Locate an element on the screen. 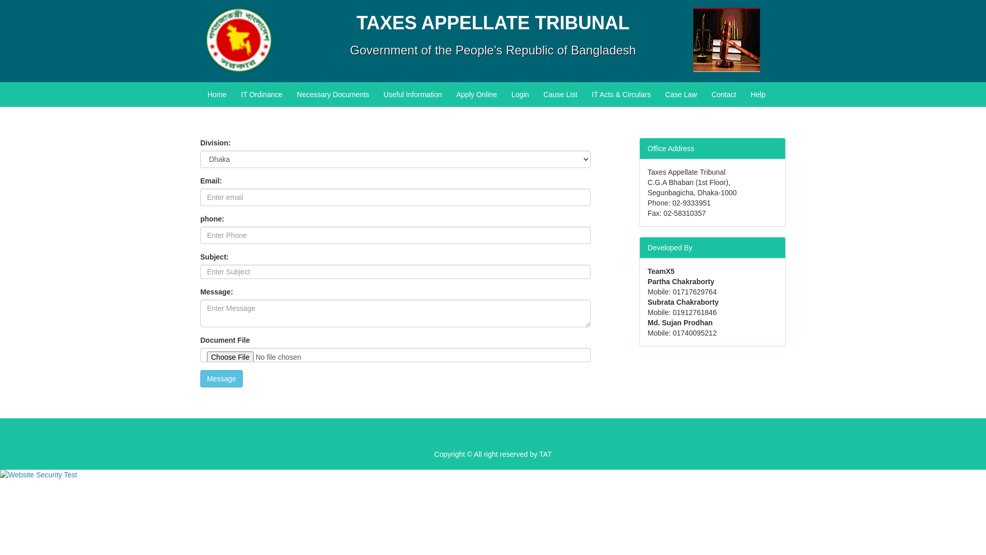 The width and height of the screenshot is (986, 555). 'Contact' is located at coordinates (704, 95).